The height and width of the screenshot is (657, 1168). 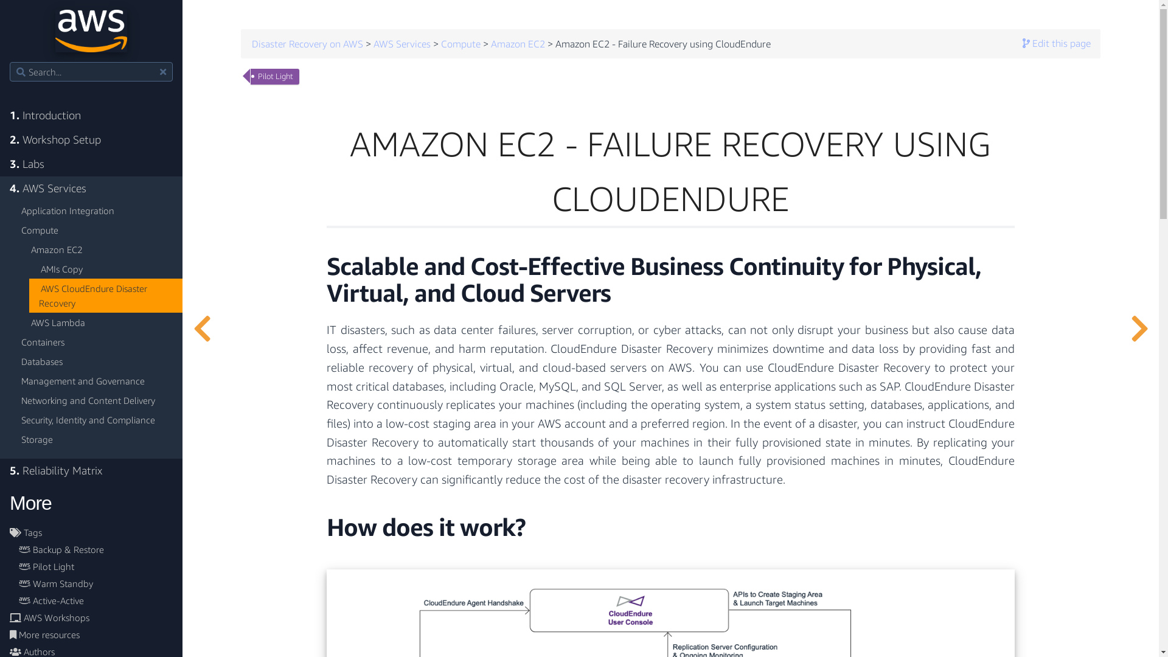 What do you see at coordinates (101, 321) in the screenshot?
I see `'AWS Lambda'` at bounding box center [101, 321].